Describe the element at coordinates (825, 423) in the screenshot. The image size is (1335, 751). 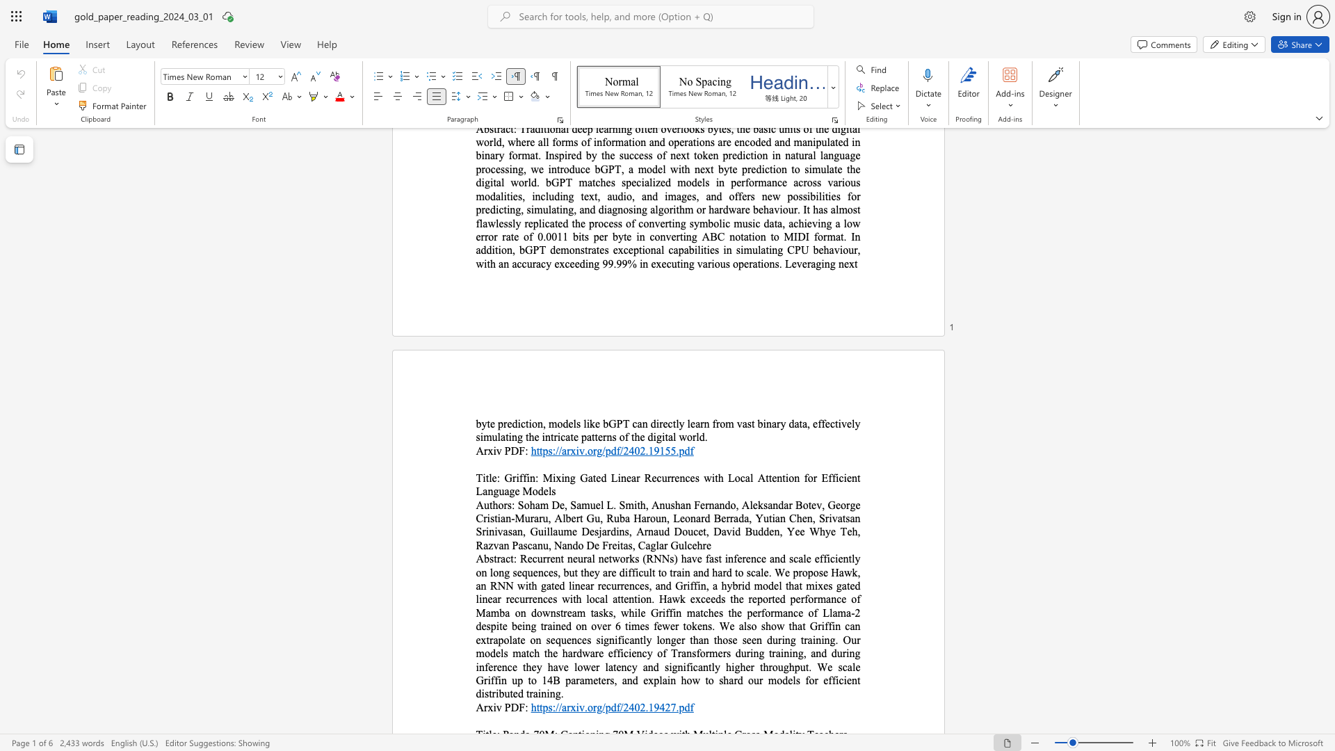
I see `the subset text "ectively simulating the intricate patterns of t" within the text "byte prediction, models like bGPT can directly learn from vast binary data, effectively simulating the intricate patterns of the digital world."` at that location.